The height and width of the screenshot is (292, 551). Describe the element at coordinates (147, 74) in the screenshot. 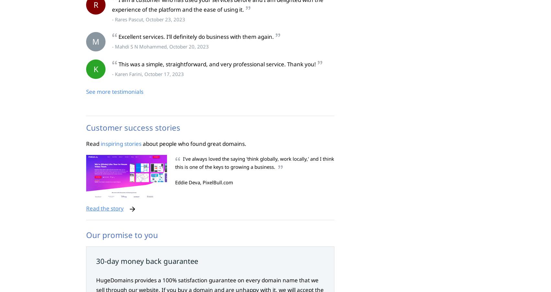

I see `'- Karen Farini, October 17, 2023'` at that location.